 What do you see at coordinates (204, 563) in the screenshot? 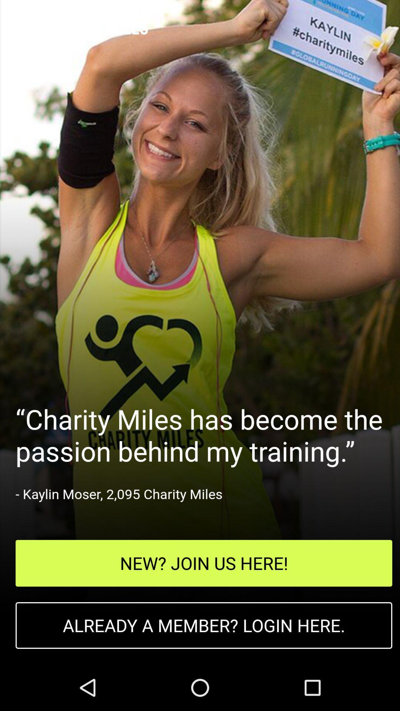
I see `icon below the jack fussell 3` at bounding box center [204, 563].